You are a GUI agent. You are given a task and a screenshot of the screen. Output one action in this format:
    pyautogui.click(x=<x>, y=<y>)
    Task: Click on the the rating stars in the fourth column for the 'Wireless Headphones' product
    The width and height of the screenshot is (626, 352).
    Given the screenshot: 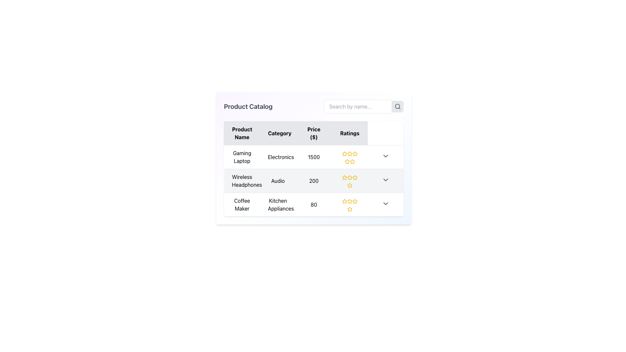 What is the action you would take?
    pyautogui.click(x=349, y=181)
    